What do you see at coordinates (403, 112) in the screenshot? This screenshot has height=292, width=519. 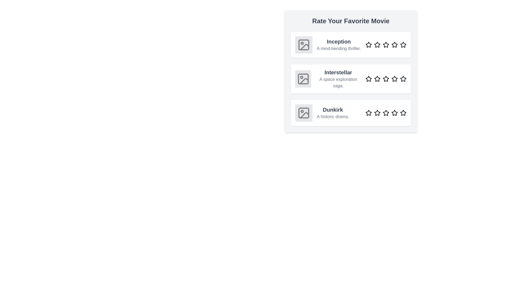 I see `the fifth star-shaped icon in the rating section of the movie 'Dunkirk' to rate` at bounding box center [403, 112].